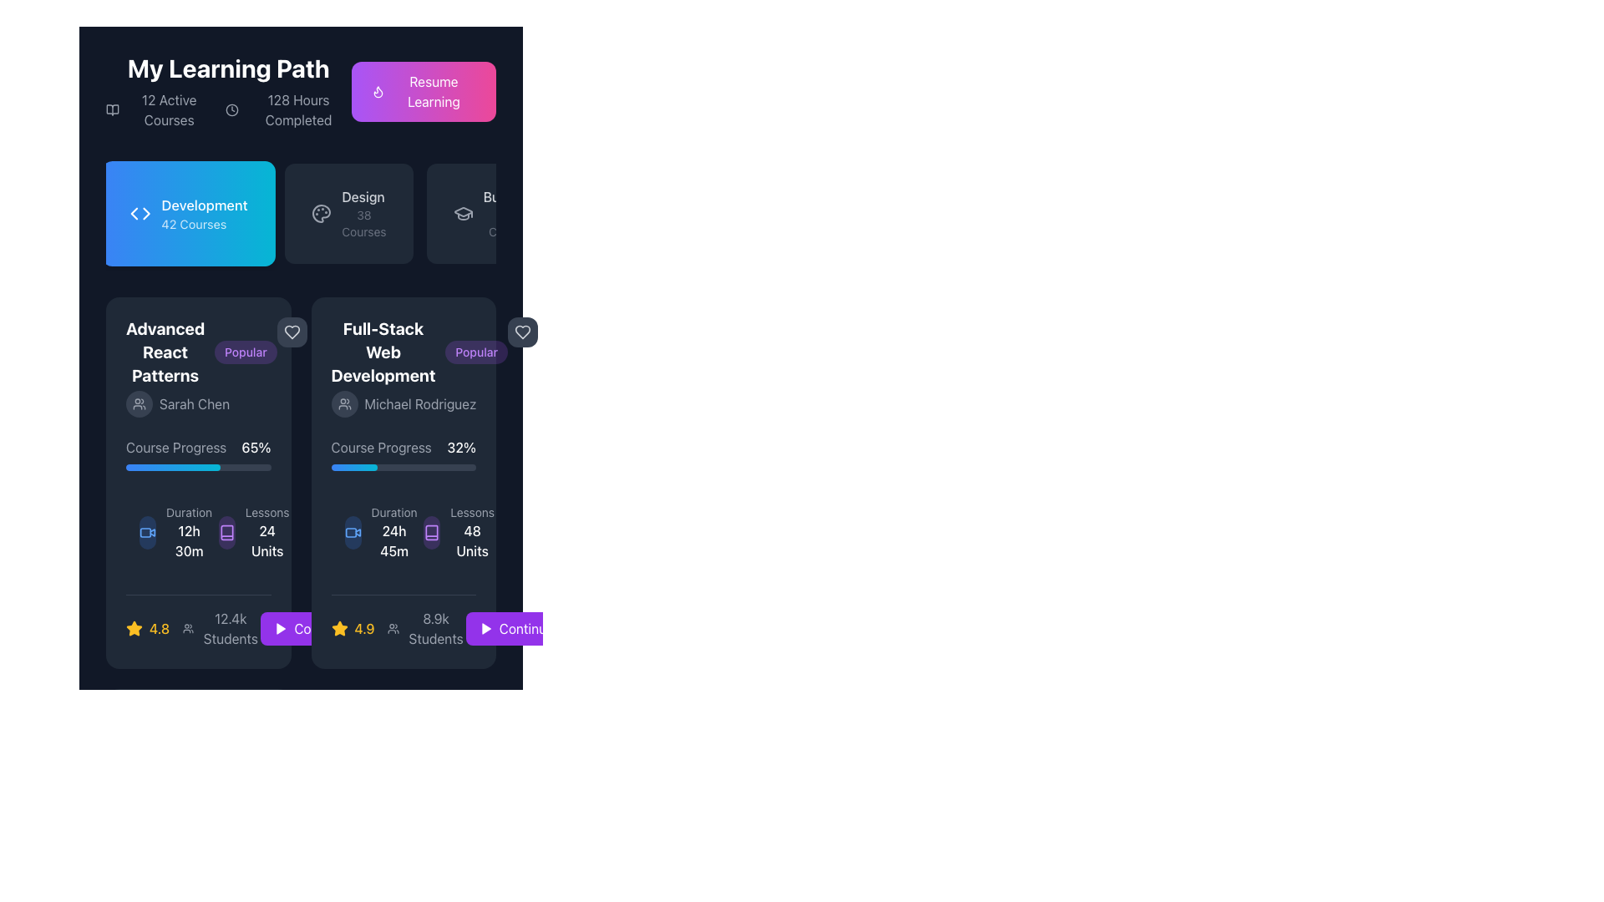 The width and height of the screenshot is (1604, 902). Describe the element at coordinates (363, 212) in the screenshot. I see `the 'Design' category button, which is the second item in the list of learning categories` at that location.